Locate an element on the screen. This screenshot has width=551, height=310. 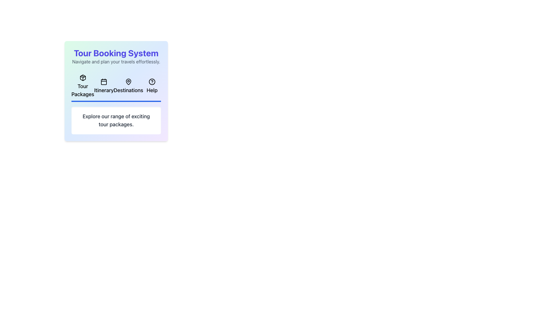
the prominent text label that provides an introduction or motivational message for exploring tour packages, located centrally below the navigation bar is located at coordinates (116, 120).